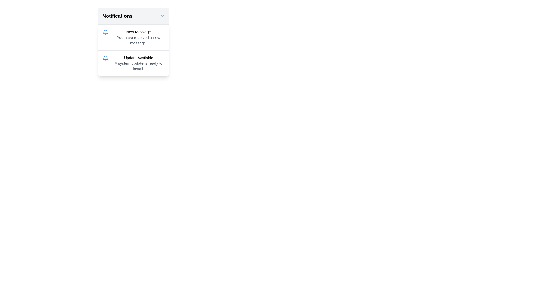  What do you see at coordinates (139, 58) in the screenshot?
I see `the 'Update Available' label located in the second notification card, which is styled with a medium sans-serif font and positioned above an explanatory text` at bounding box center [139, 58].